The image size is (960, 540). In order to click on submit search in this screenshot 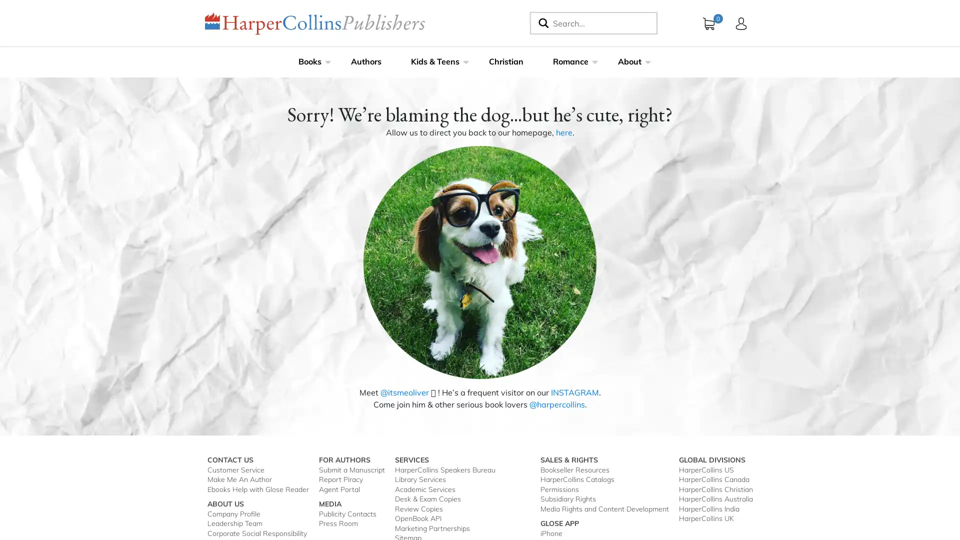, I will do `click(541, 22)`.